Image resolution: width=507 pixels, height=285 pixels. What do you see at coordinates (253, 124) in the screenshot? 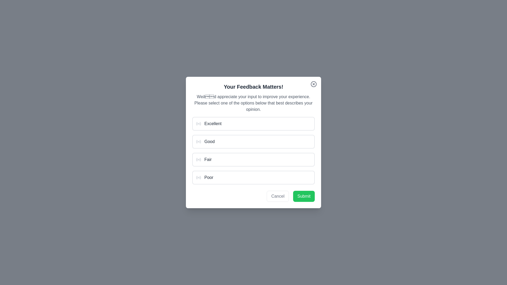
I see `the option 'Excellent' from the list` at bounding box center [253, 124].